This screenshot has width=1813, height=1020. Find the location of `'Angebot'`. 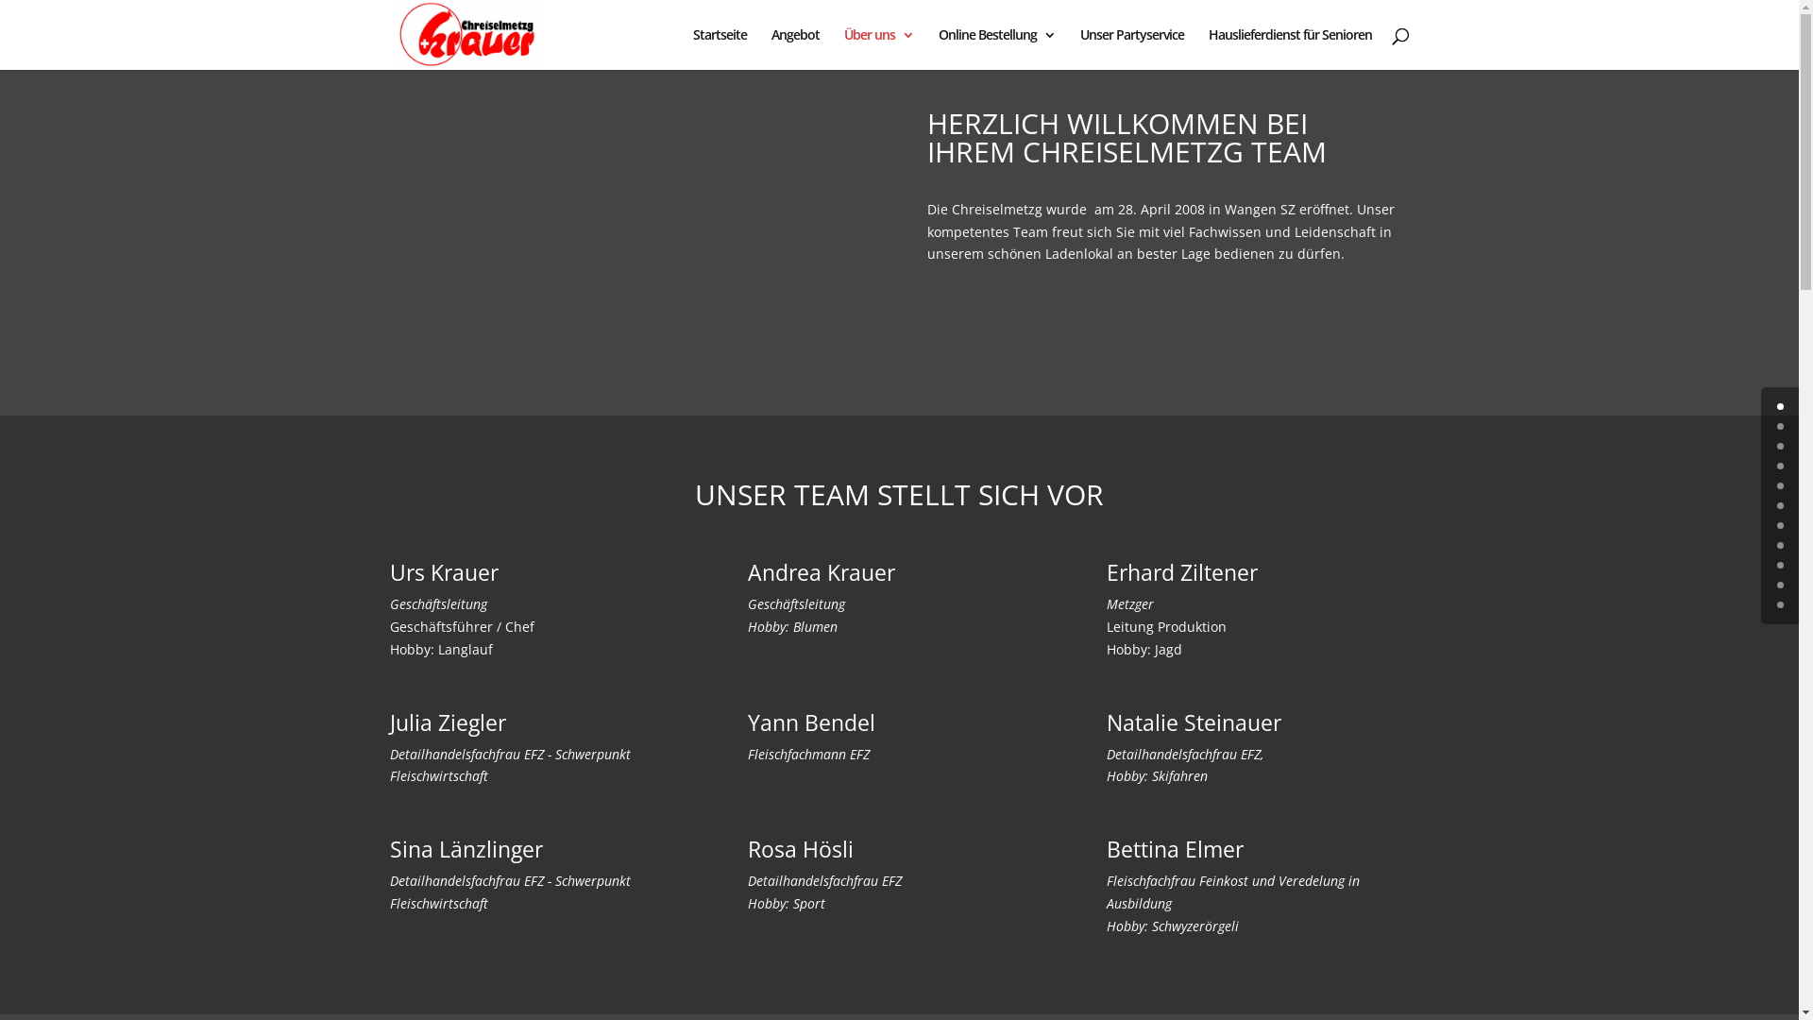

'Angebot' is located at coordinates (794, 47).